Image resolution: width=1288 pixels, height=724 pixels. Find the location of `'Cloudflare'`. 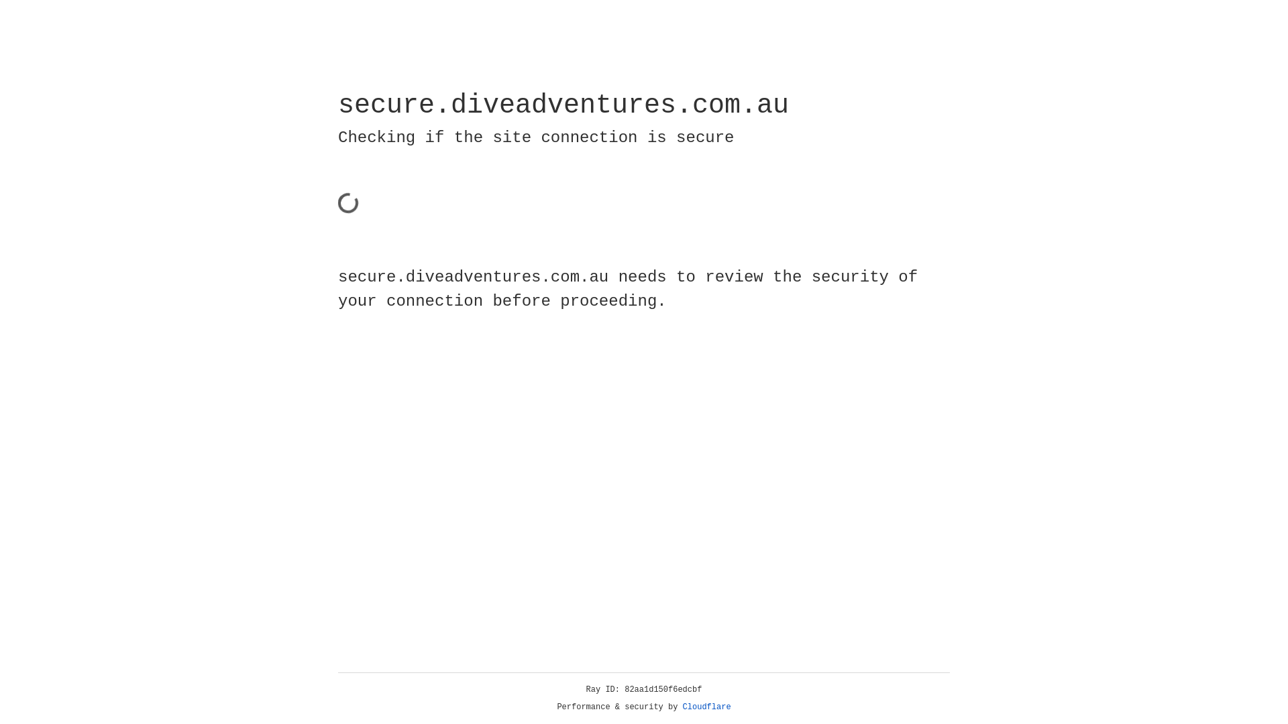

'Cloudflare' is located at coordinates (706, 707).